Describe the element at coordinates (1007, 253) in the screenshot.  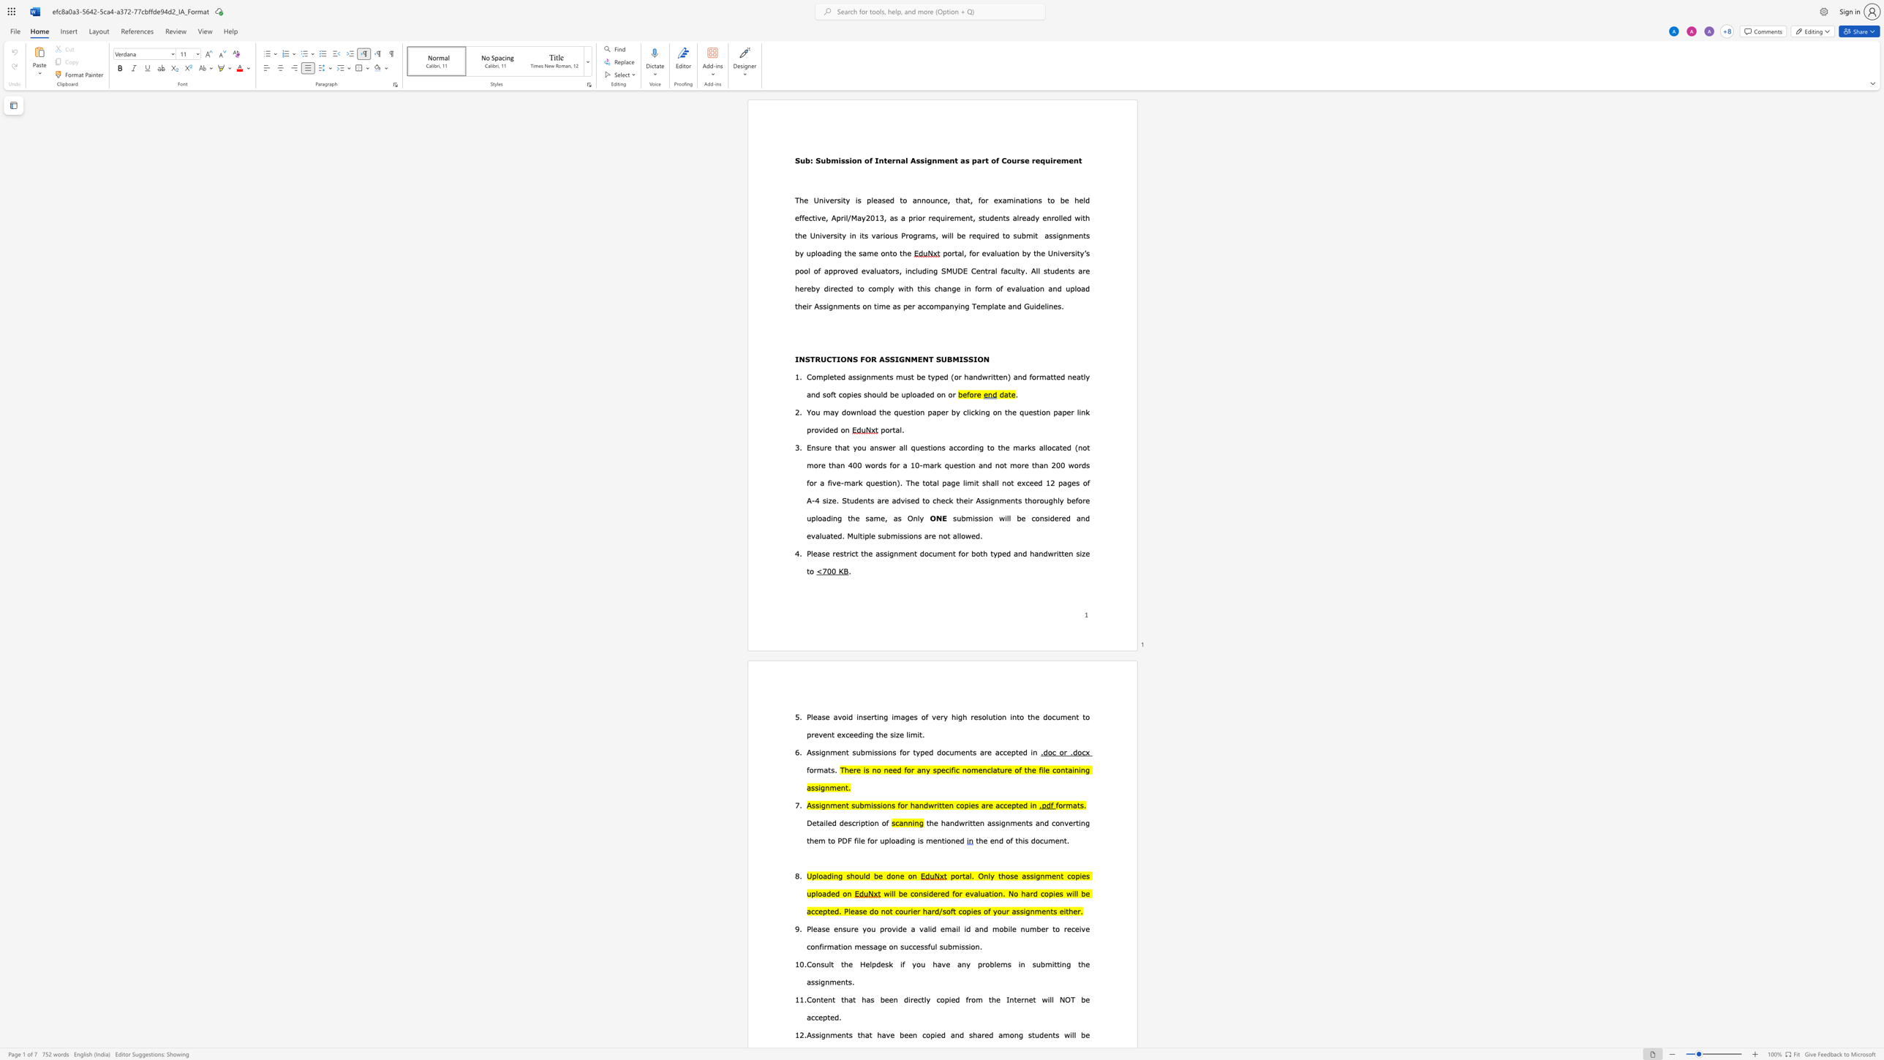
I see `the space between the continuous character "t" and "i" in the text` at that location.